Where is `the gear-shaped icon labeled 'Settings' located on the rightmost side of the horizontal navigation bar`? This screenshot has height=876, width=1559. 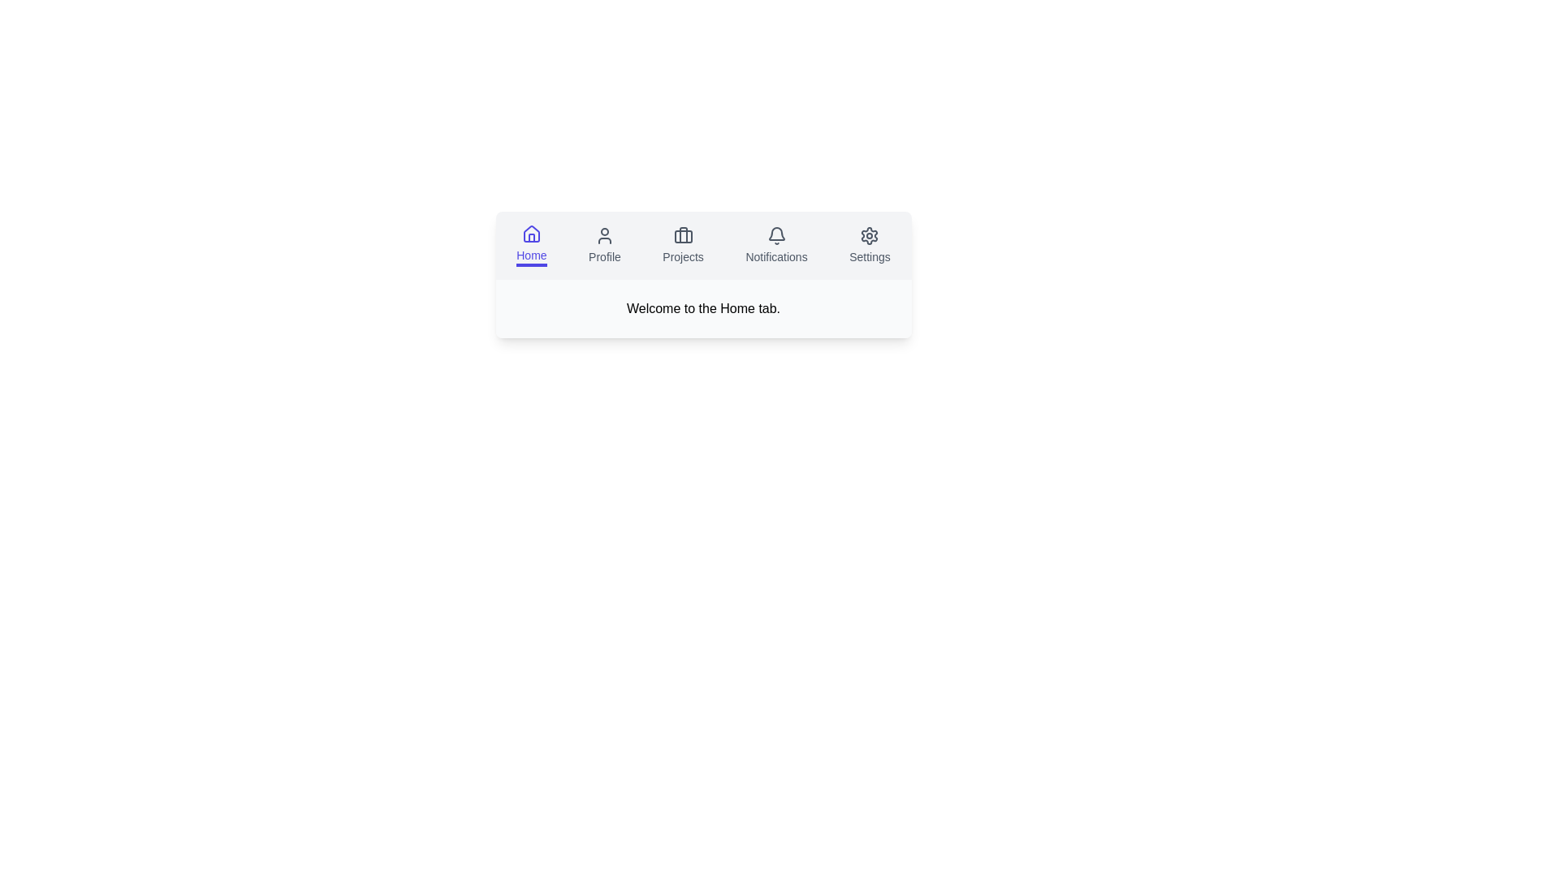 the gear-shaped icon labeled 'Settings' located on the rightmost side of the horizontal navigation bar is located at coordinates (869, 235).